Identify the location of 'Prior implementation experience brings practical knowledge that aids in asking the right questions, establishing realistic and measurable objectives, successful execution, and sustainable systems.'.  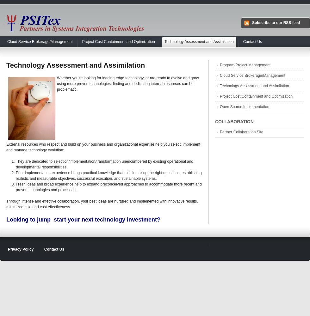
(108, 176).